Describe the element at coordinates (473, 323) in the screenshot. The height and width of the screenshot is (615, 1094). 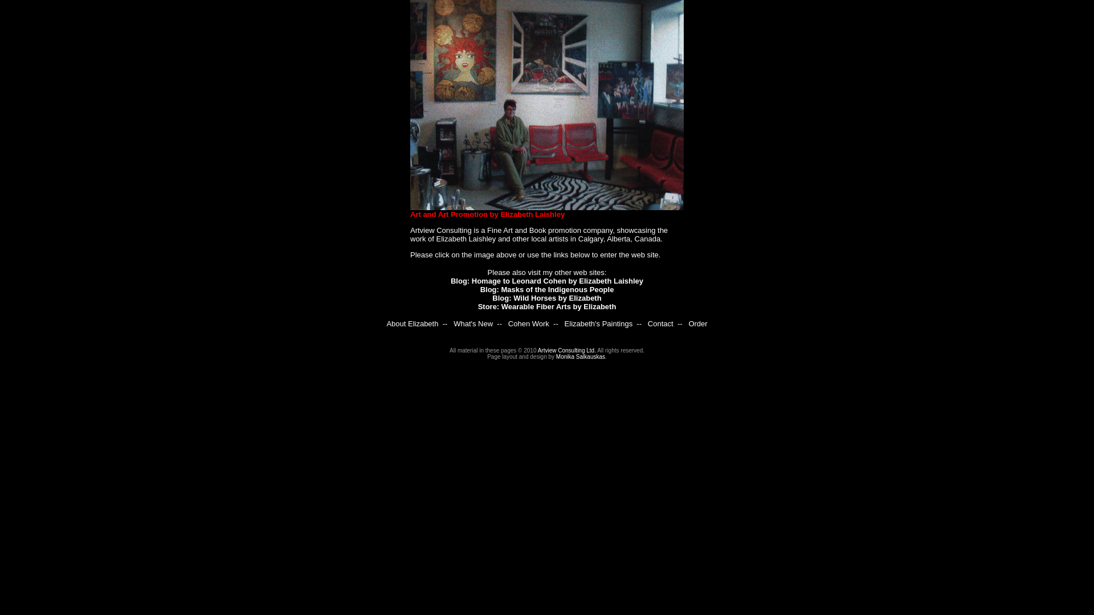
I see `'What's New'` at that location.